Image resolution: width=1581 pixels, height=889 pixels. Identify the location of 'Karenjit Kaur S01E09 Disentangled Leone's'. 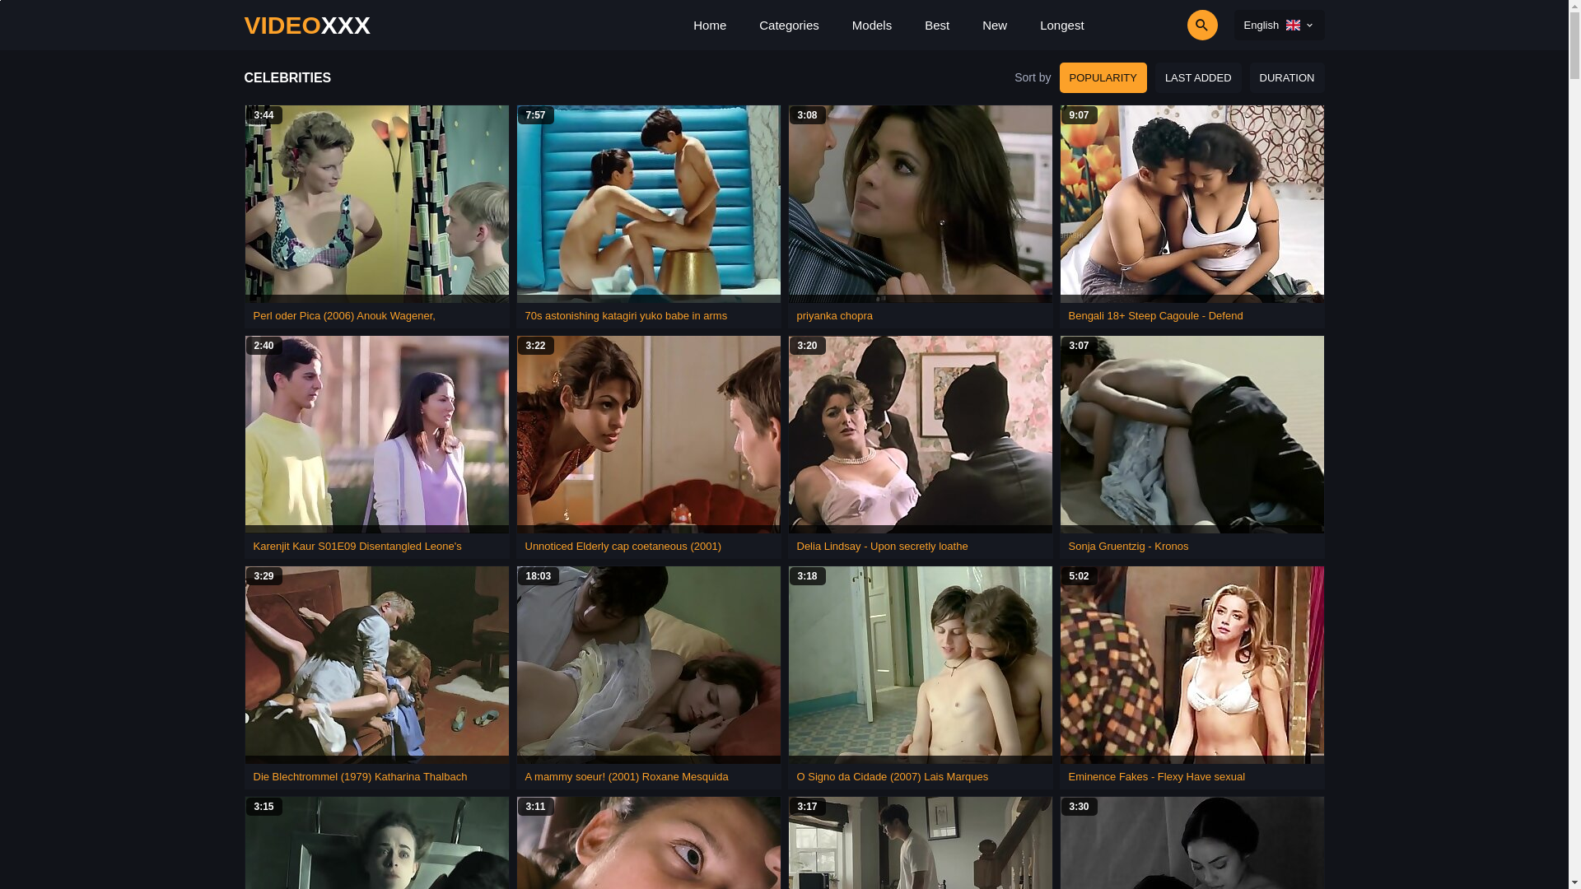
(357, 546).